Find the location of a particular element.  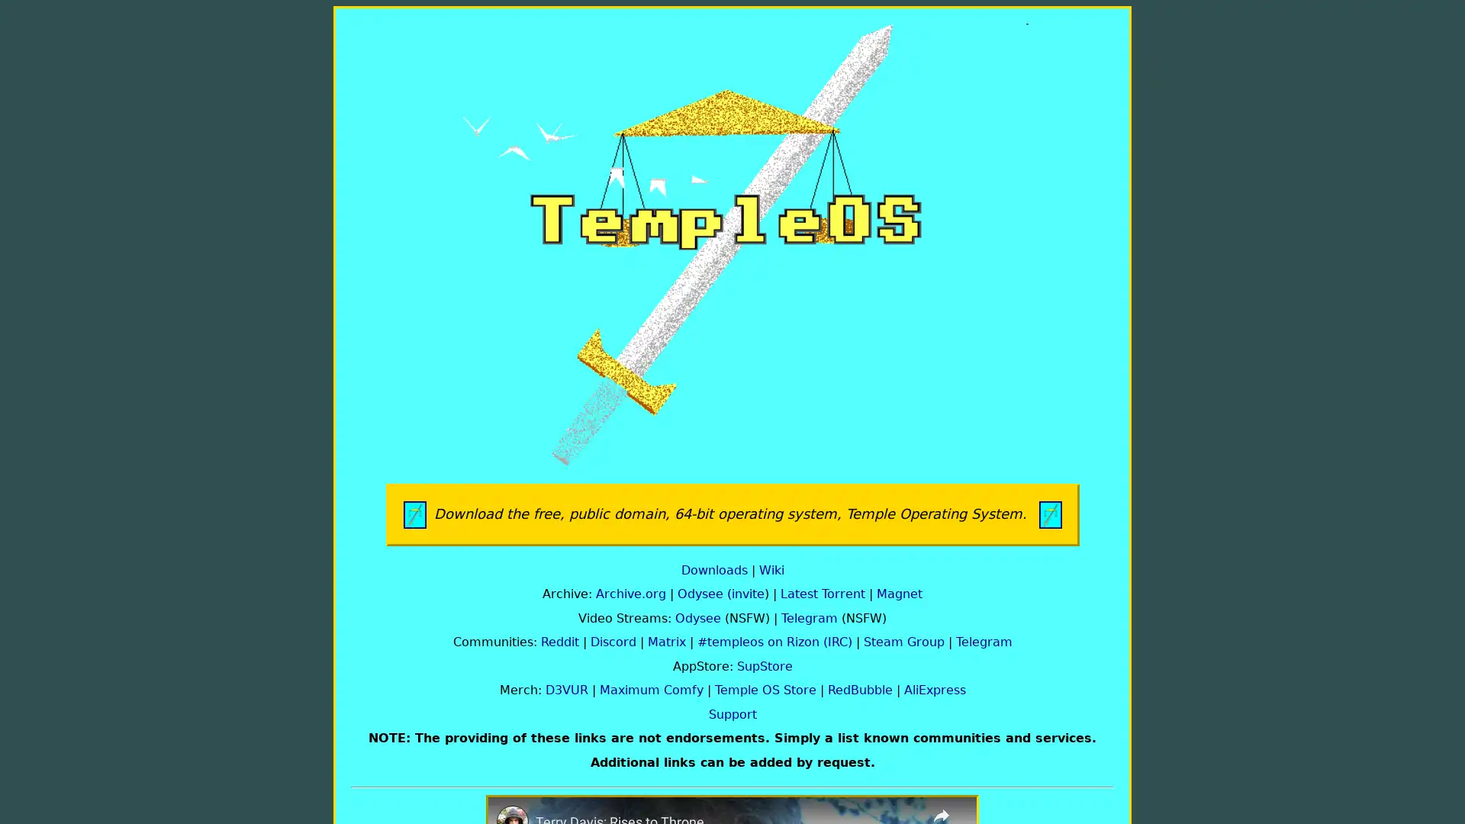

Download the free, public domain, 64-bit operating system, Temple Operating System. is located at coordinates (731, 514).